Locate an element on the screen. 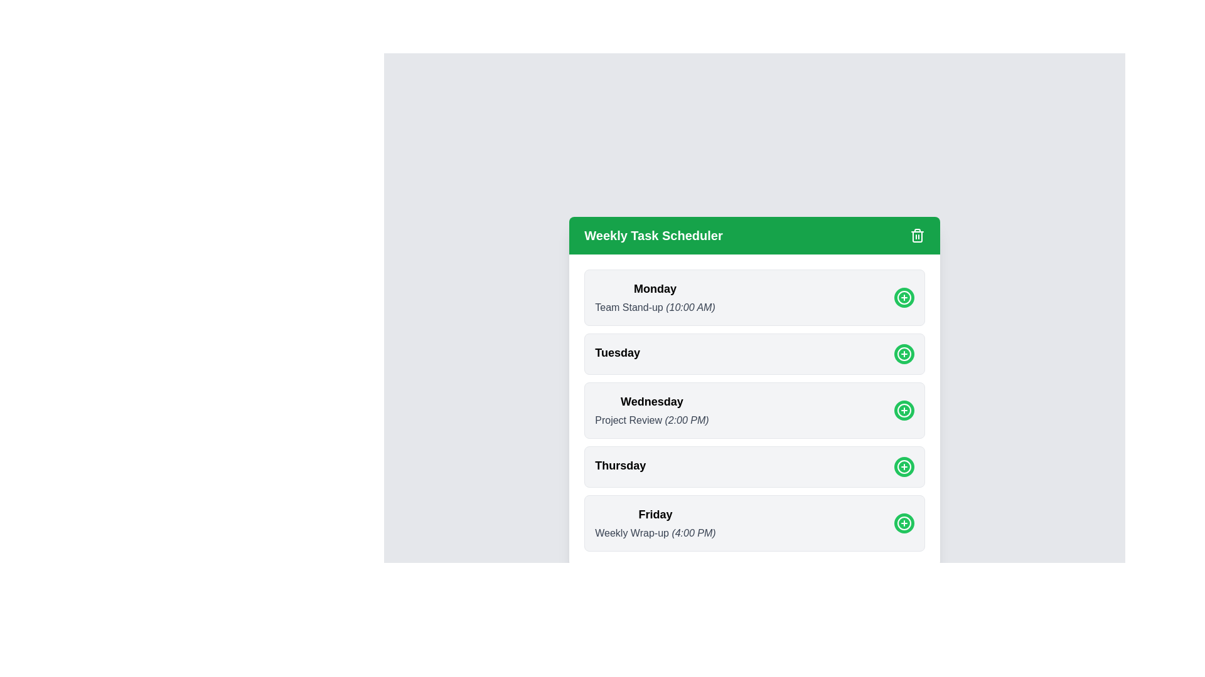 Image resolution: width=1205 pixels, height=677 pixels. the section corresponding to Thursday to observe the shadow effect is located at coordinates (754, 466).